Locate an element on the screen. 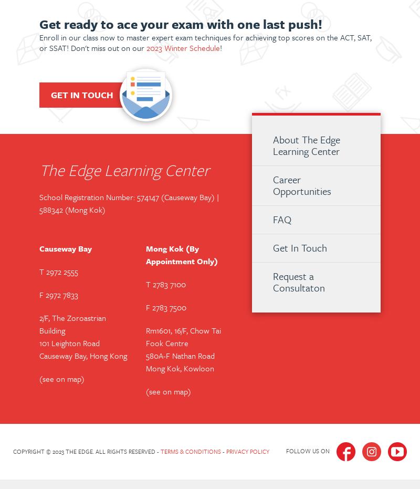 The height and width of the screenshot is (489, 420). 'The Edge Learning Center' is located at coordinates (124, 169).